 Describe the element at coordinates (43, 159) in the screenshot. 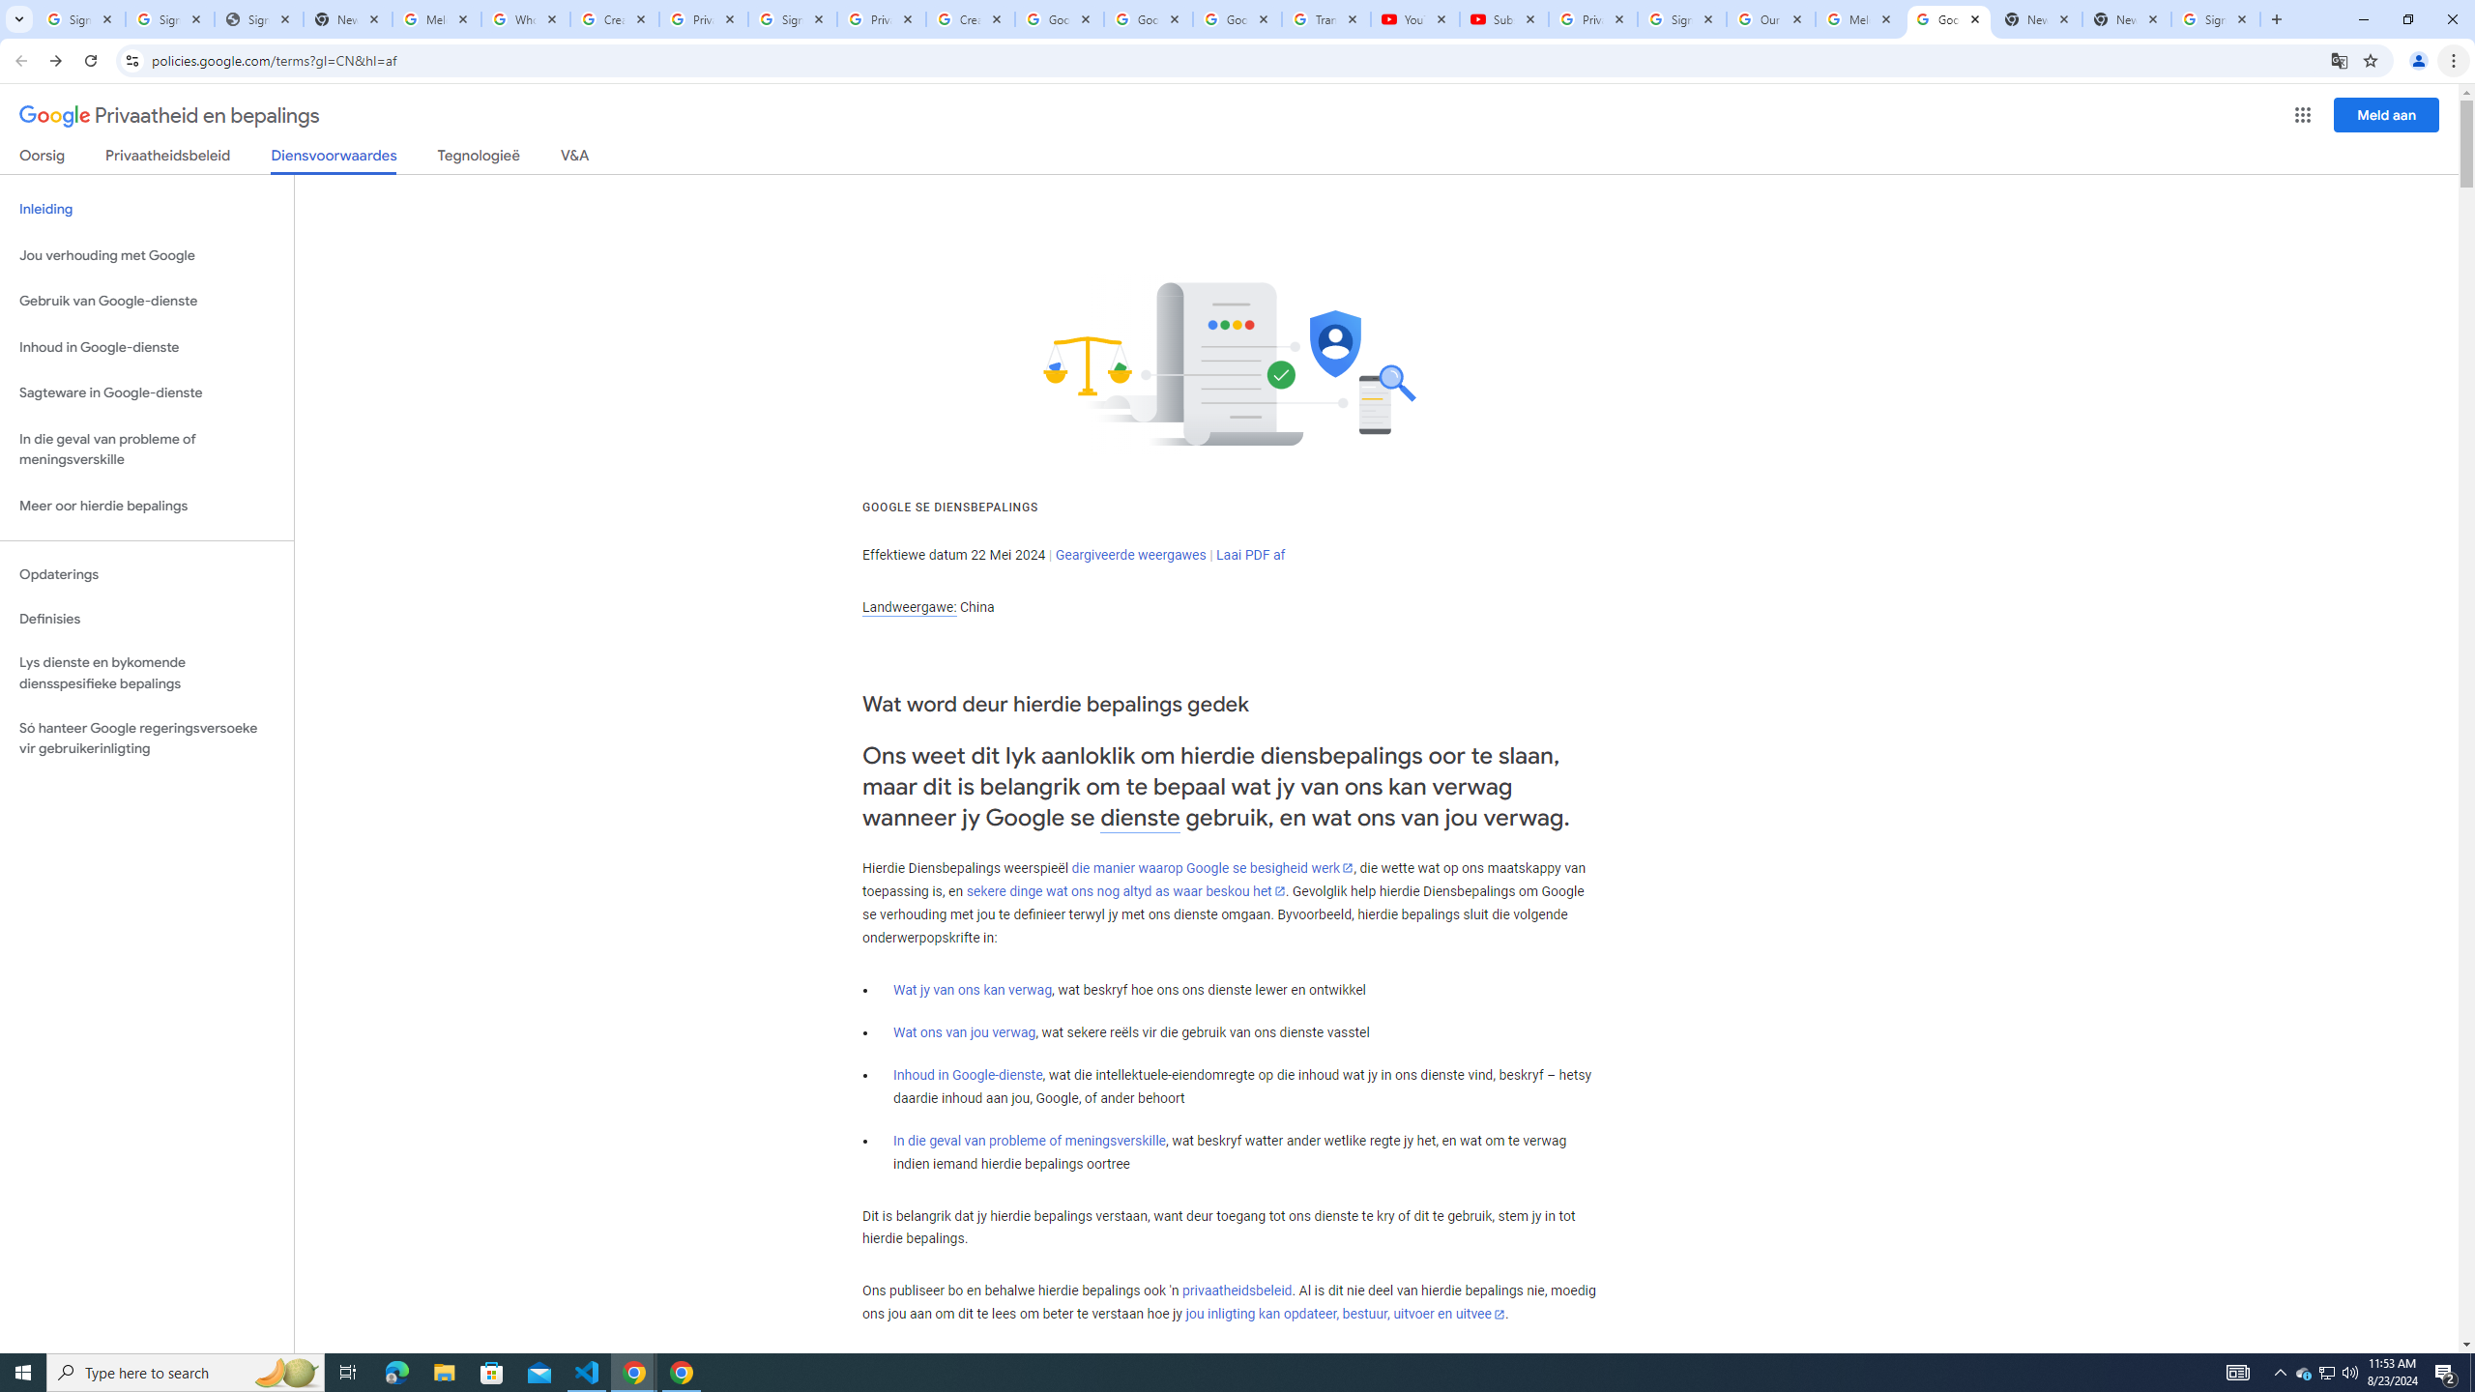

I see `'Oorsig'` at that location.